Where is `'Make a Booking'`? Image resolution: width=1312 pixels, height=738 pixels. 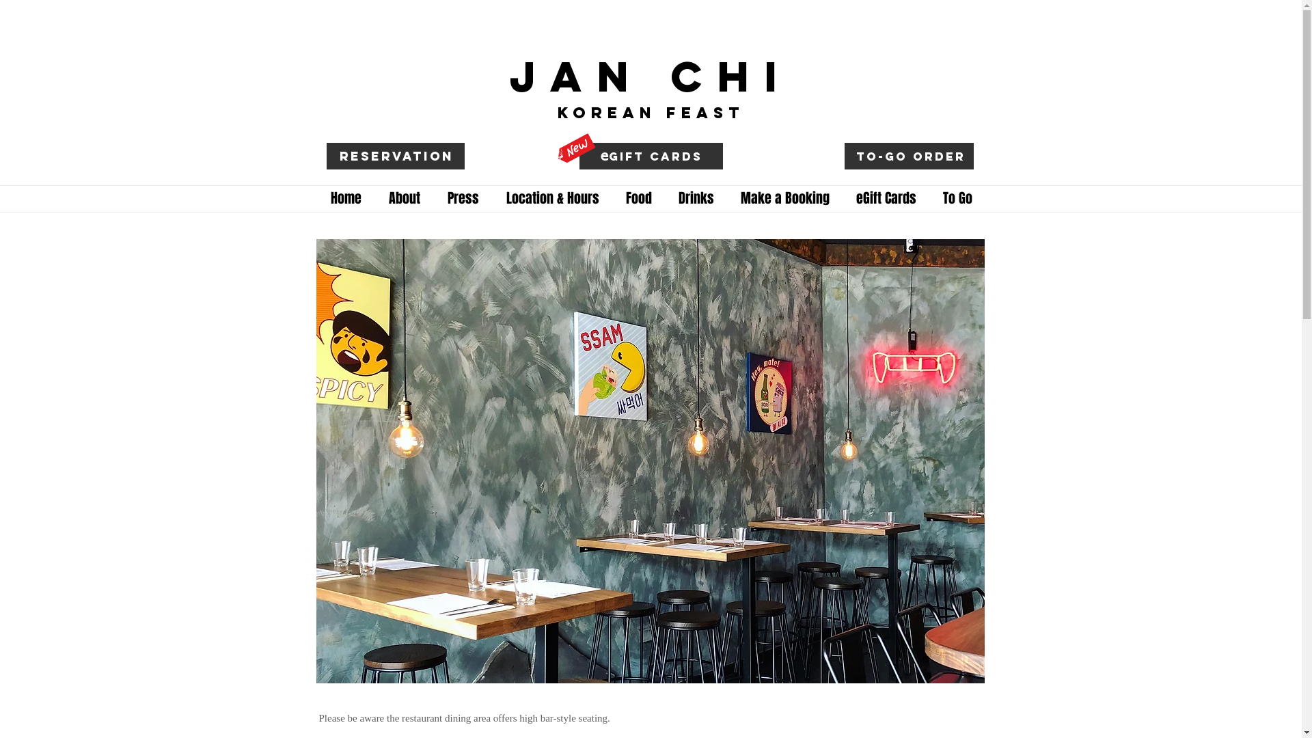
'Make a Booking' is located at coordinates (784, 198).